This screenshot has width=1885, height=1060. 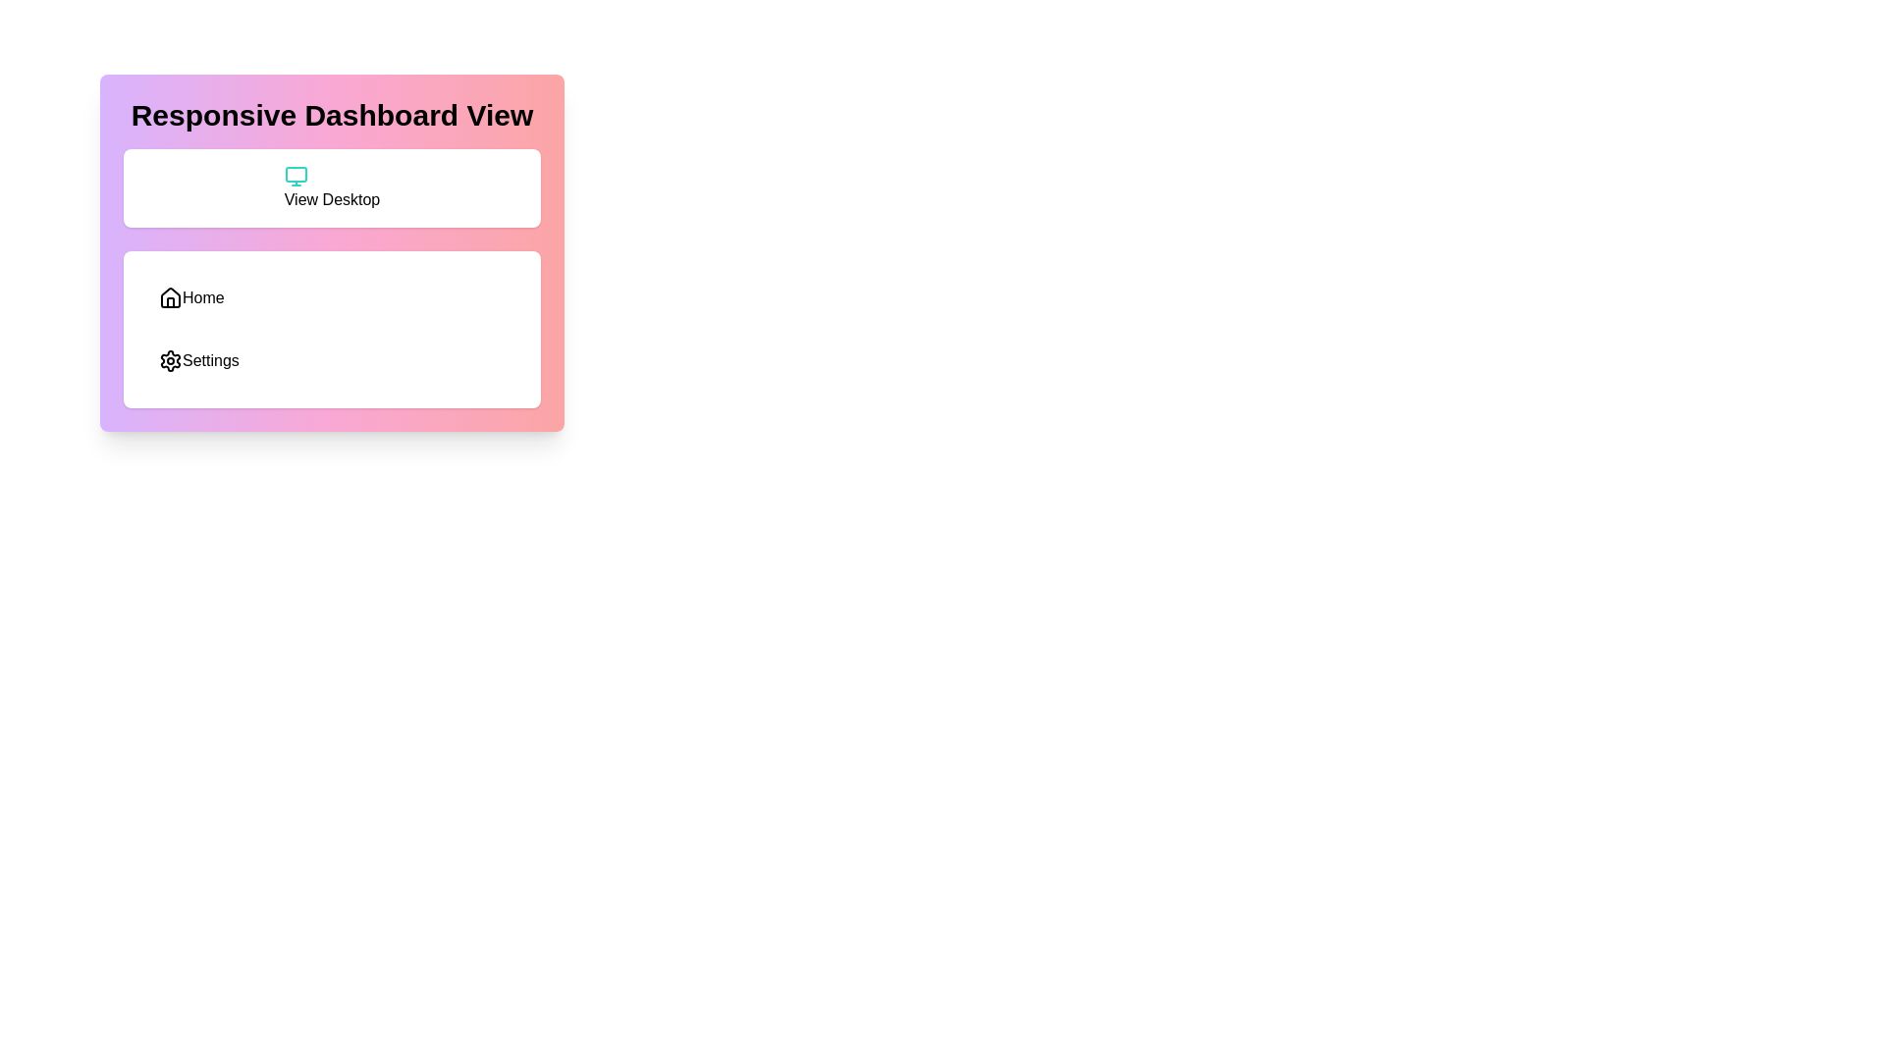 What do you see at coordinates (332, 188) in the screenshot?
I see `the informational text element featuring a teal monitor icon above the 'View Desktop' text, which is centered in a modern sans-serif font` at bounding box center [332, 188].